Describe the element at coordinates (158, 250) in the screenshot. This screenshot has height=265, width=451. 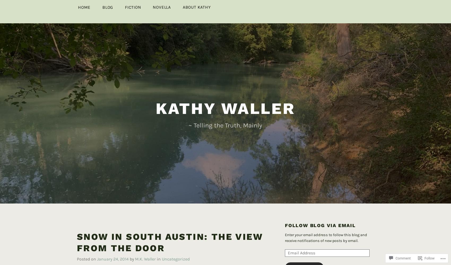
I see `'in'` at that location.